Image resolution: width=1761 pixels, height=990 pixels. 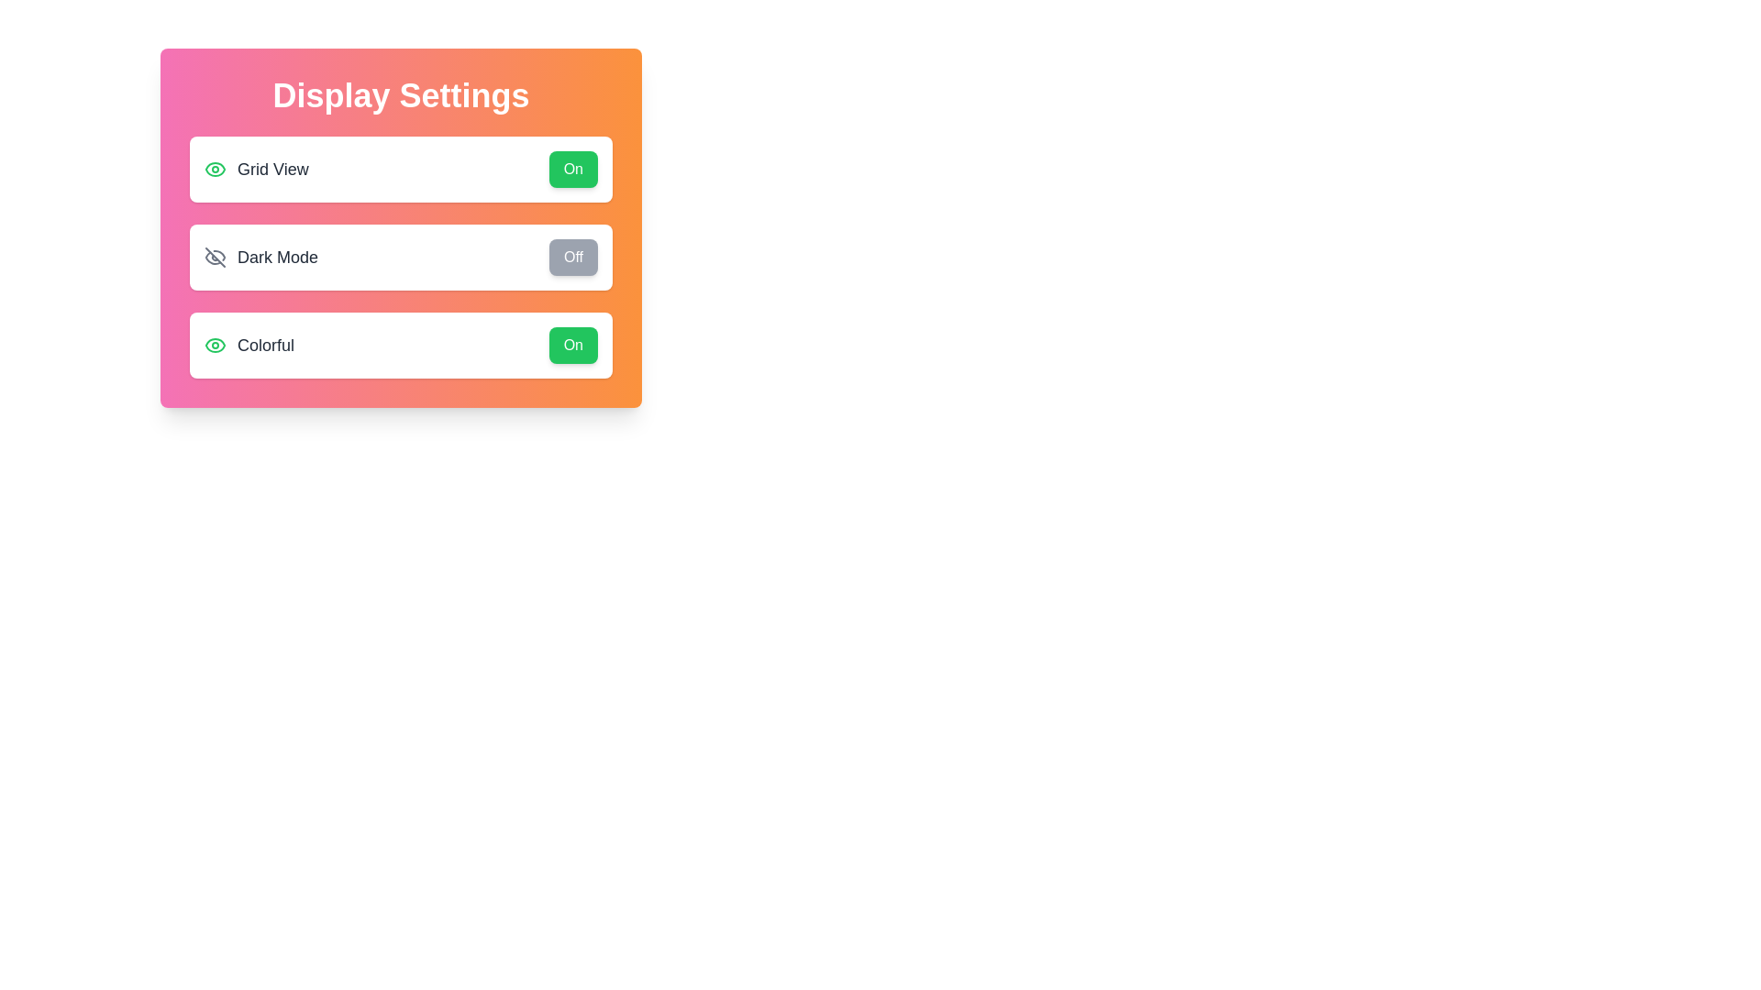 I want to click on 'On' button of the 'Grid View' setting to toggle it, so click(x=571, y=170).